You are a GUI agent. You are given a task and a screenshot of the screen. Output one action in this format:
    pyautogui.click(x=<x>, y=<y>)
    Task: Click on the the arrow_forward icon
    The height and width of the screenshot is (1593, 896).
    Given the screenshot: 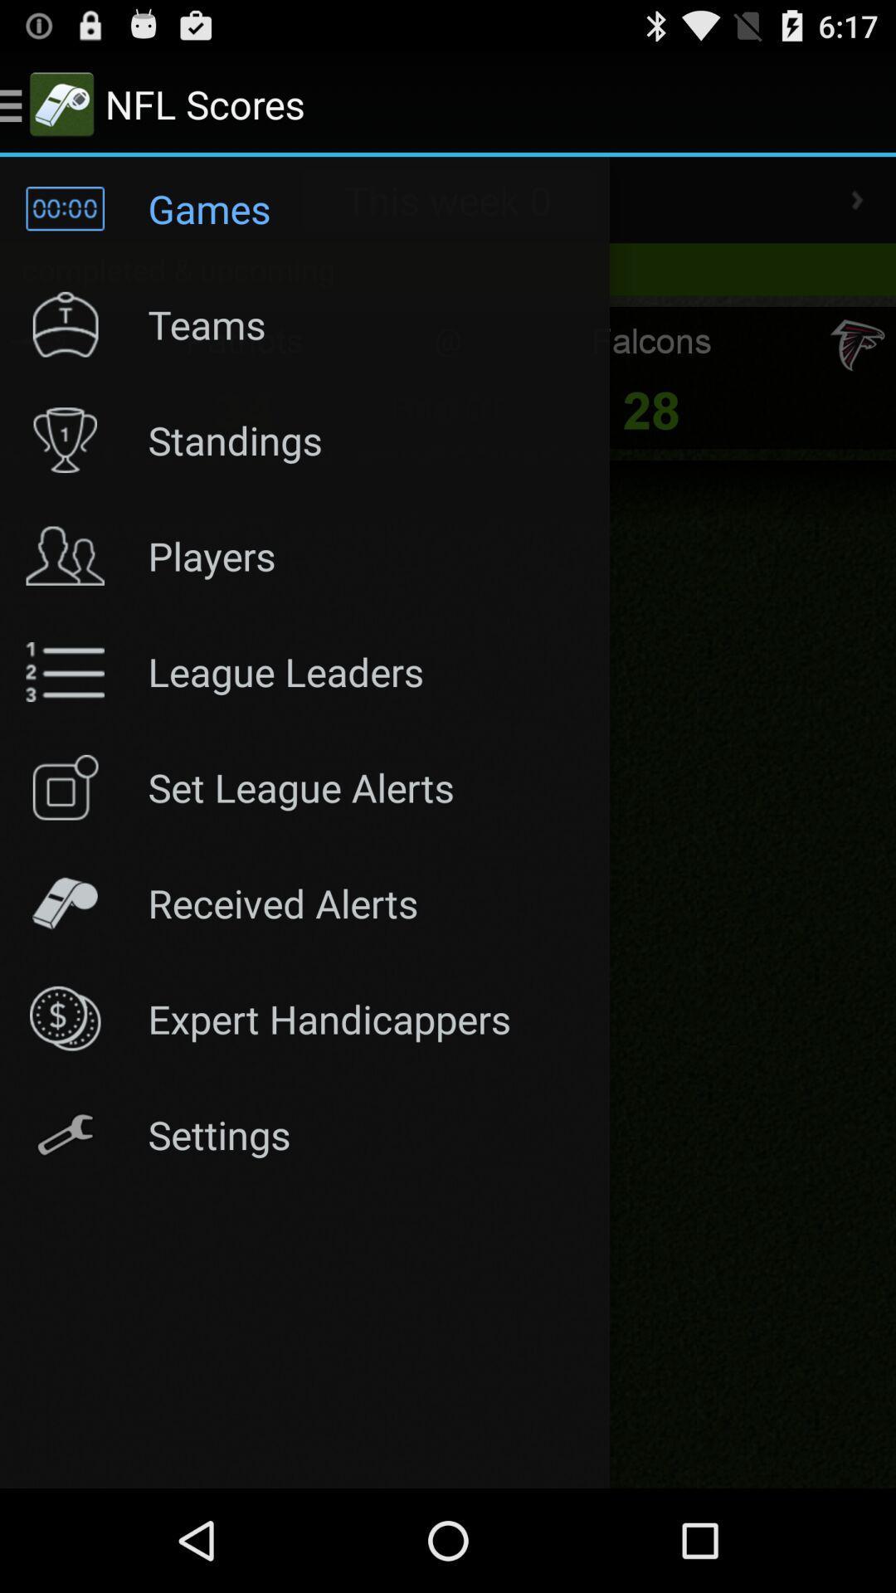 What is the action you would take?
    pyautogui.click(x=857, y=213)
    